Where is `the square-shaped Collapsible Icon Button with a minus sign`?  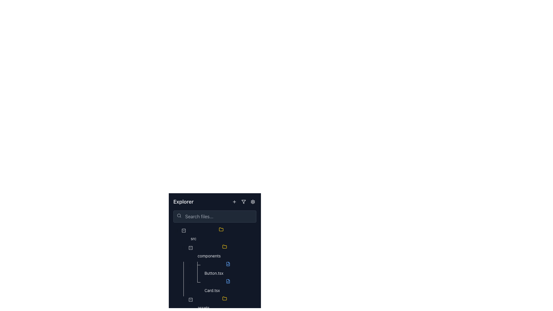 the square-shaped Collapsible Icon Button with a minus sign is located at coordinates (191, 299).